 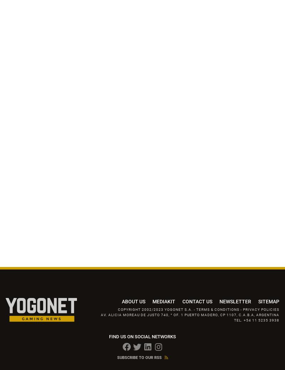 I want to click on 'Privacy Policies', so click(x=261, y=309).